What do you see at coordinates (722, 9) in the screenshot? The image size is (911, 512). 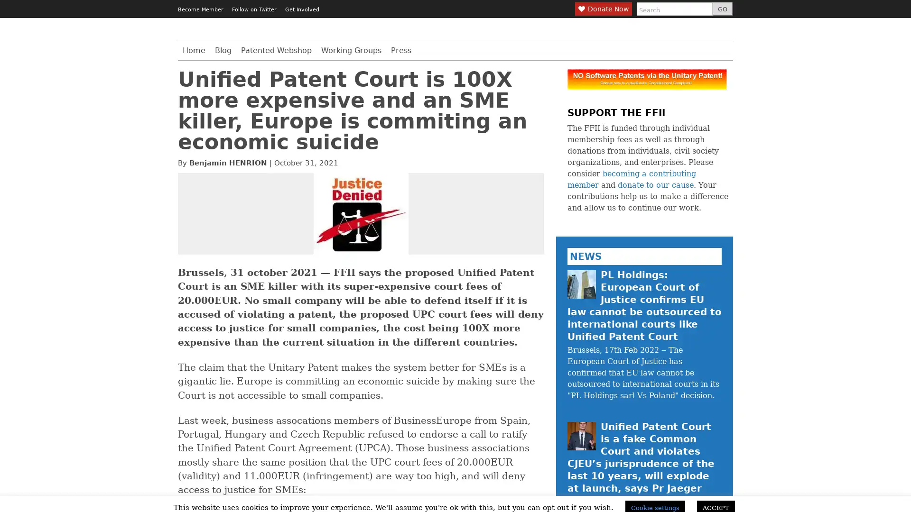 I see `GO` at bounding box center [722, 9].